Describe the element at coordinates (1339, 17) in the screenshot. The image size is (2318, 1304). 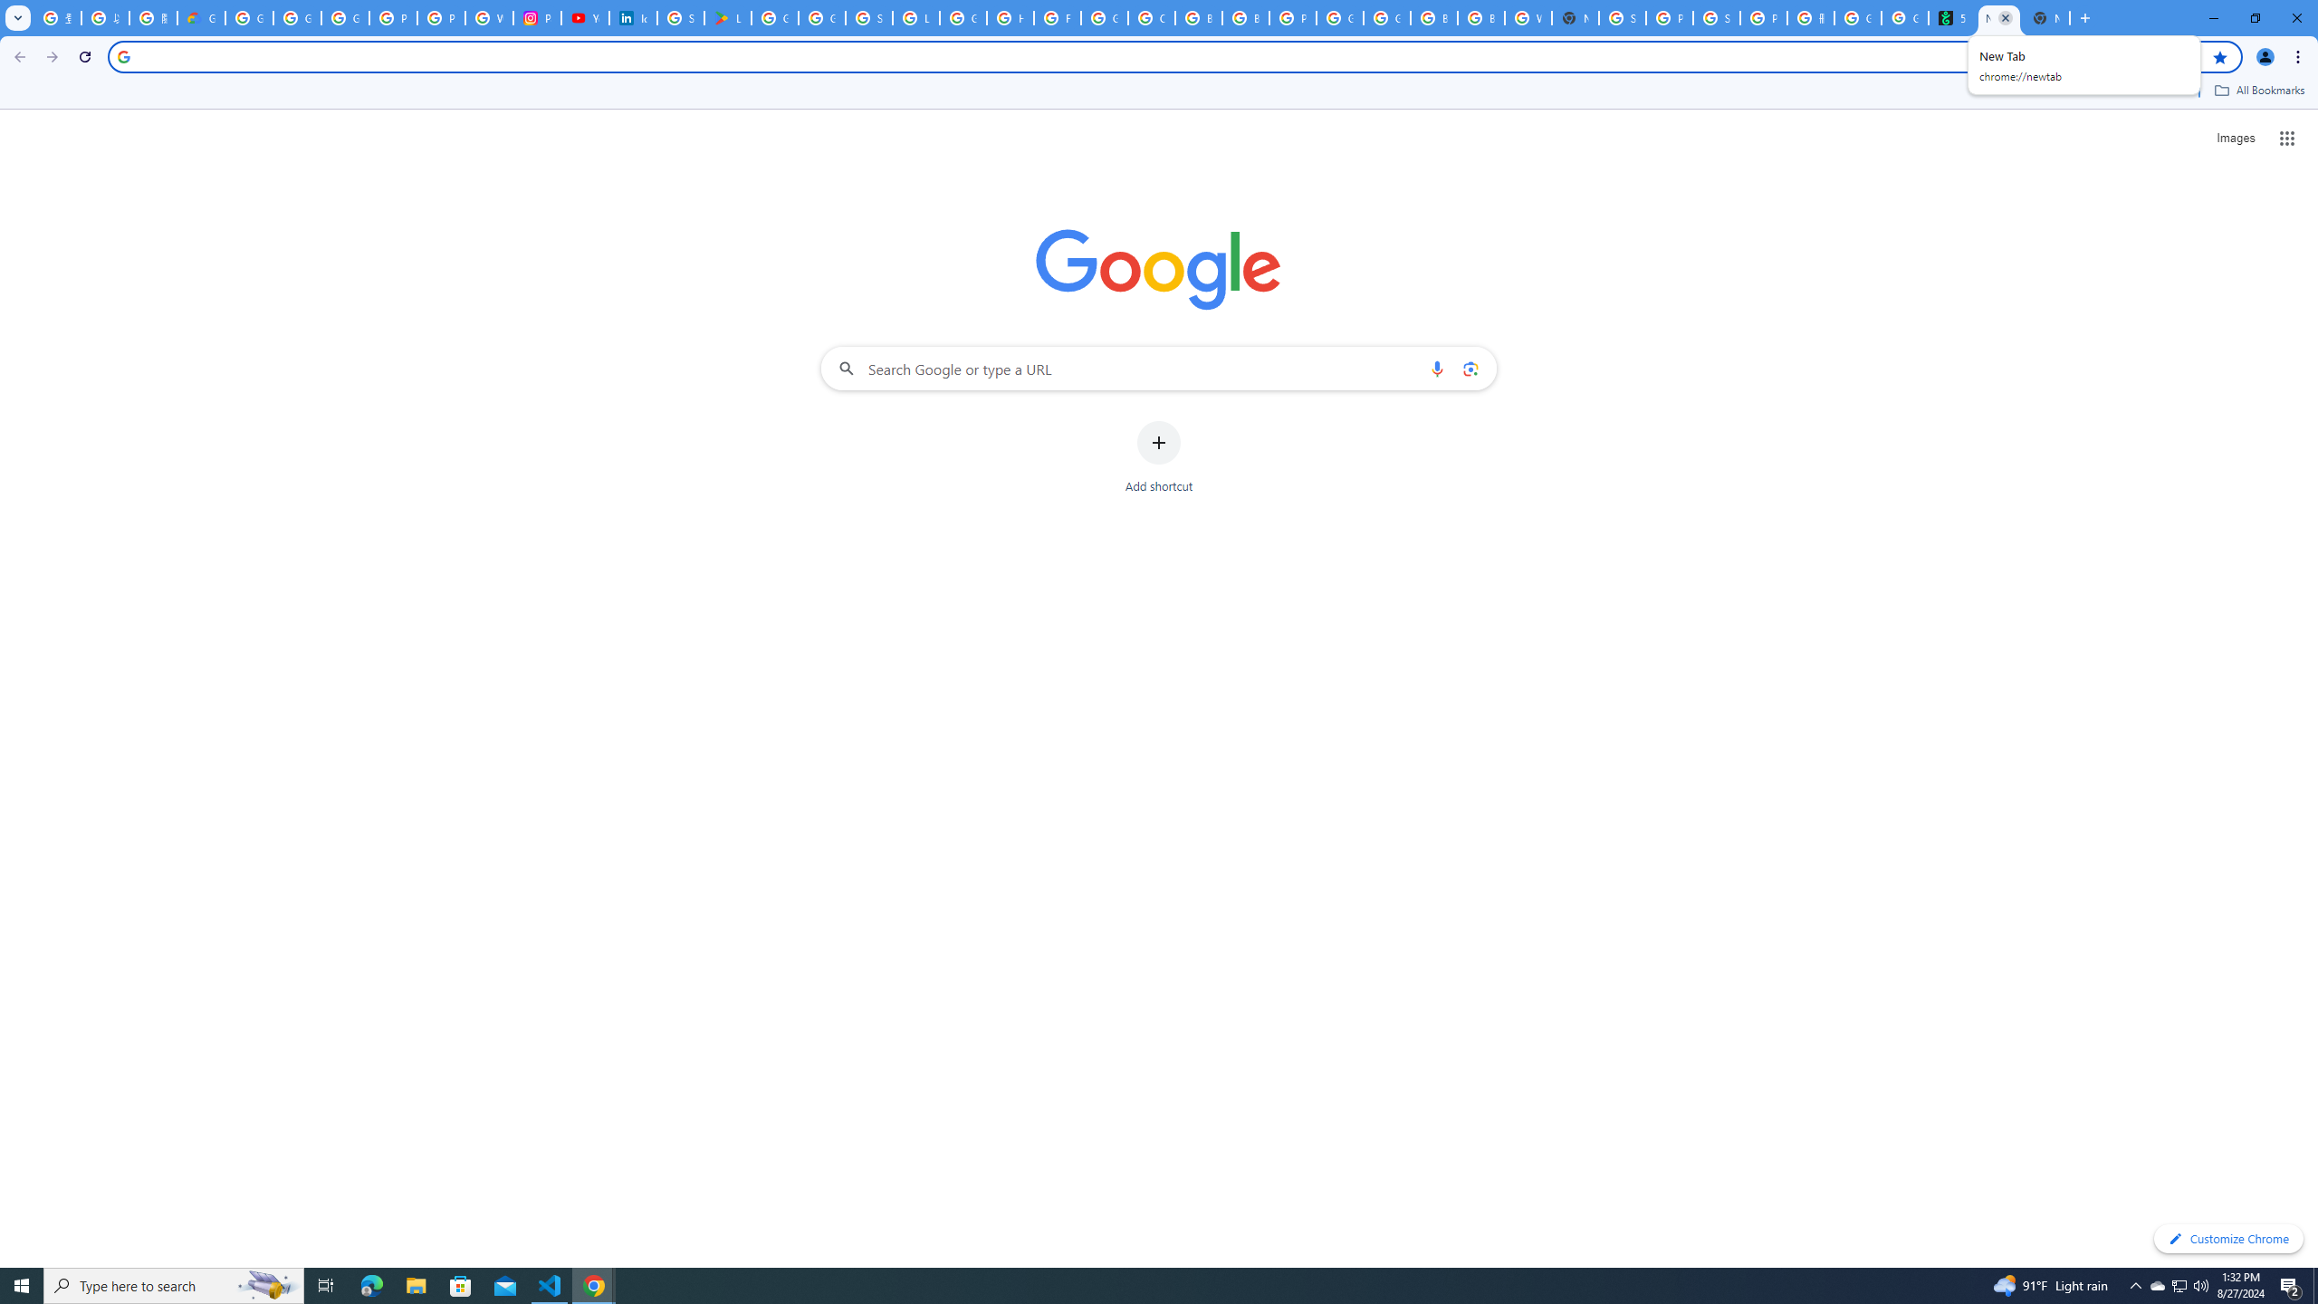
I see `'Google Cloud Platform'` at that location.